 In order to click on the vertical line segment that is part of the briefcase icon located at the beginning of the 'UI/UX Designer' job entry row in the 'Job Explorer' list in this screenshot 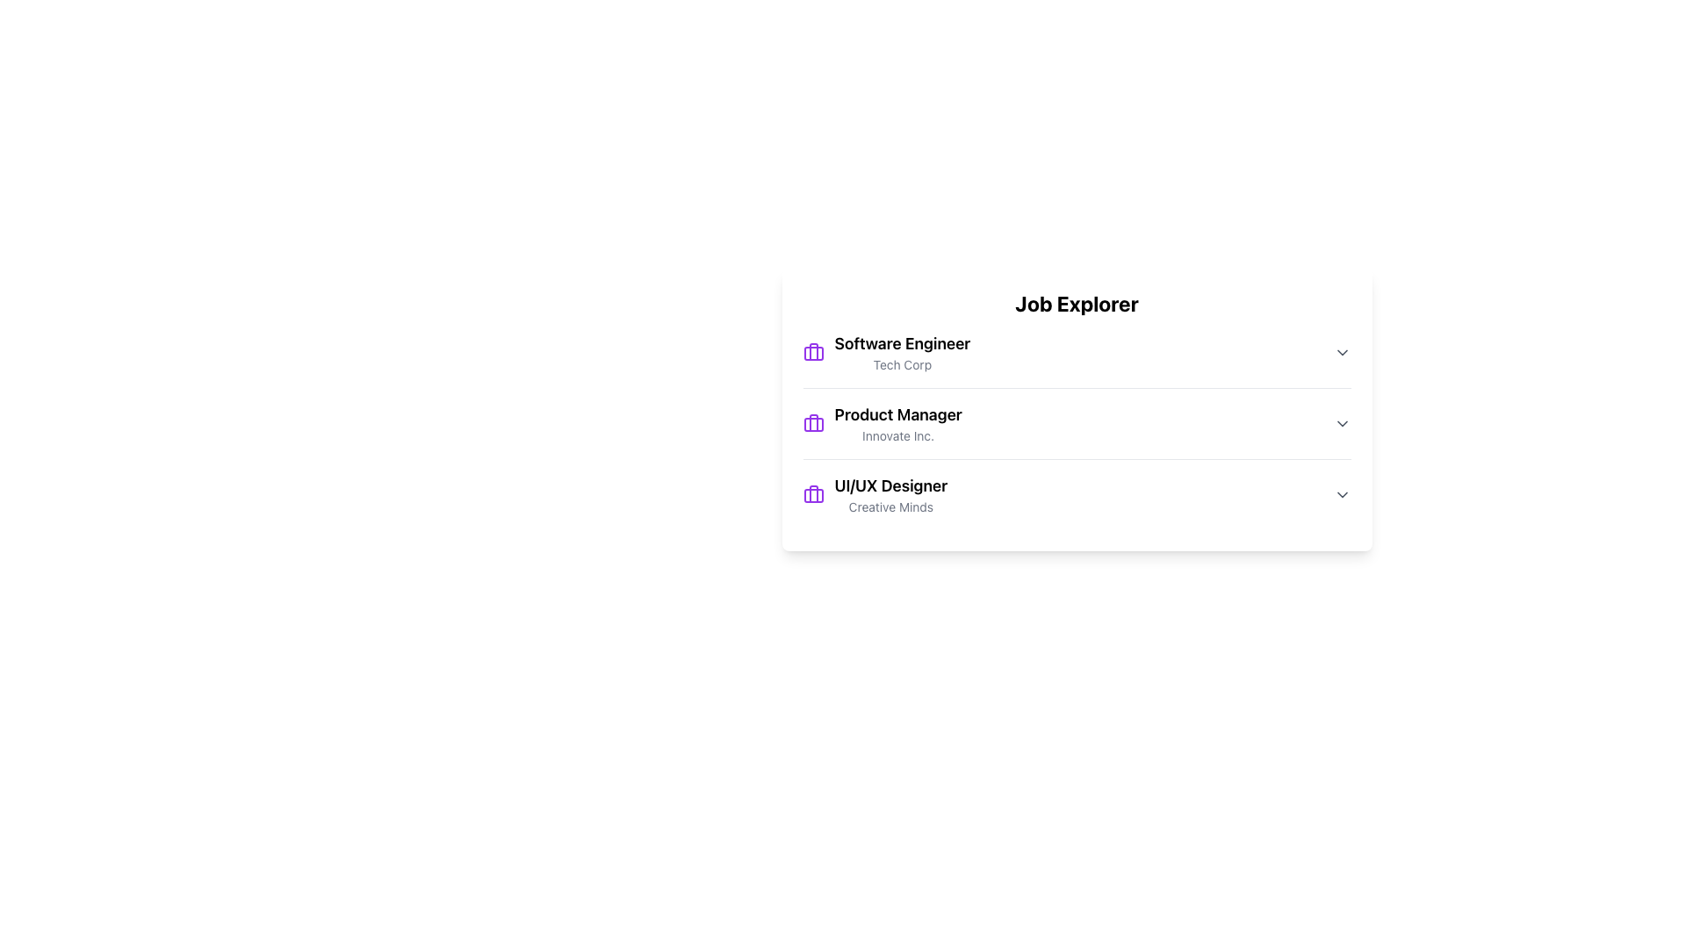, I will do `click(812, 494)`.